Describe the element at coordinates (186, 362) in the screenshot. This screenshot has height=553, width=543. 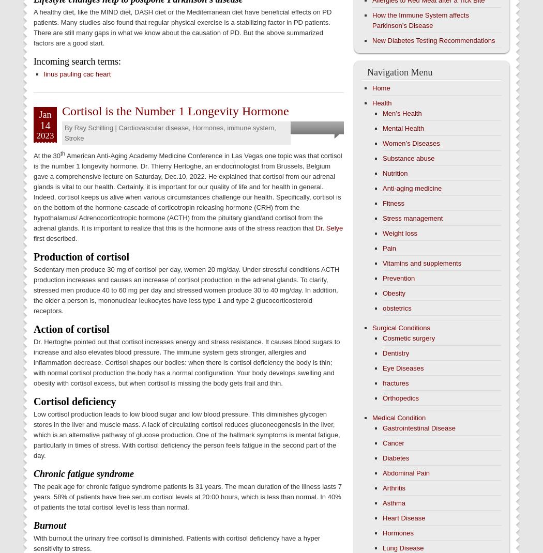
I see `'Dr. Hertoghe pointed out that cortisol increases energy and stress resistance. It causes blood sugars to increase and also elevates blood pressure. The immune system gets stronger, allergies and inflammation decrease. Cortisol shapes our bodies: when there is cortisol deficiency the body is thin; with normal cortisol production the body has a normal configuration. Your body develops swelling and obesity with cortisol excess, but when cortisol is missing the body gets frail and thin.'` at that location.